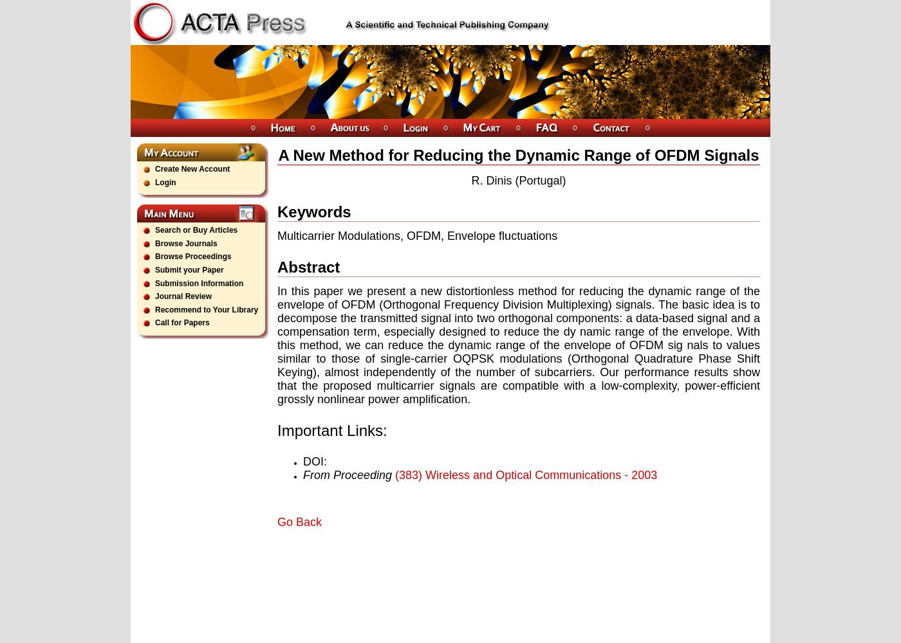  Describe the element at coordinates (332, 430) in the screenshot. I see `'Important Links:'` at that location.